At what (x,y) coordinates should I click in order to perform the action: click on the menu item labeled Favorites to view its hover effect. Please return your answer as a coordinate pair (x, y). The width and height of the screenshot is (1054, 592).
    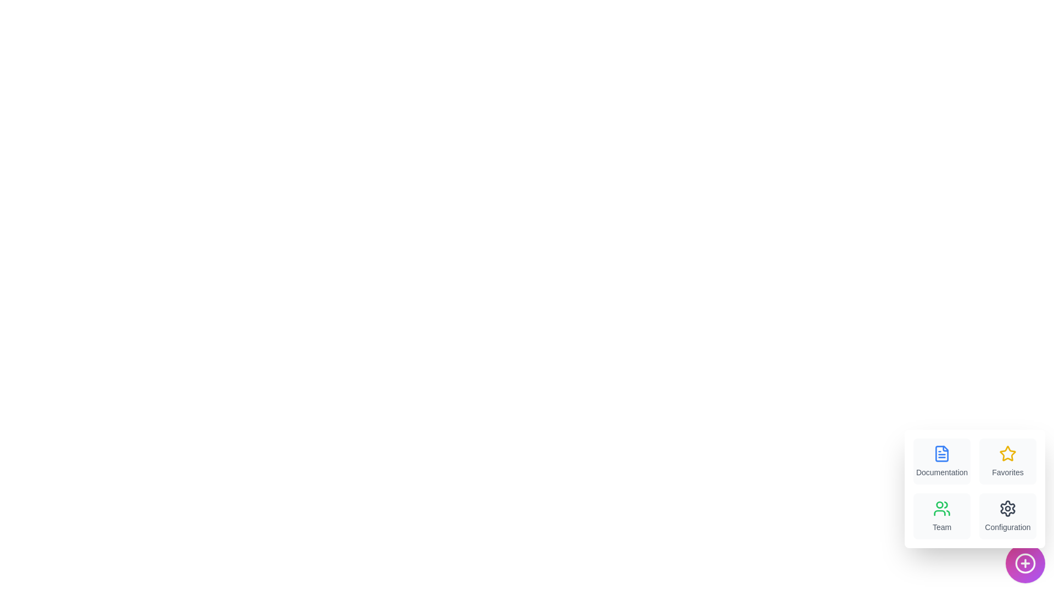
    Looking at the image, I should click on (1008, 461).